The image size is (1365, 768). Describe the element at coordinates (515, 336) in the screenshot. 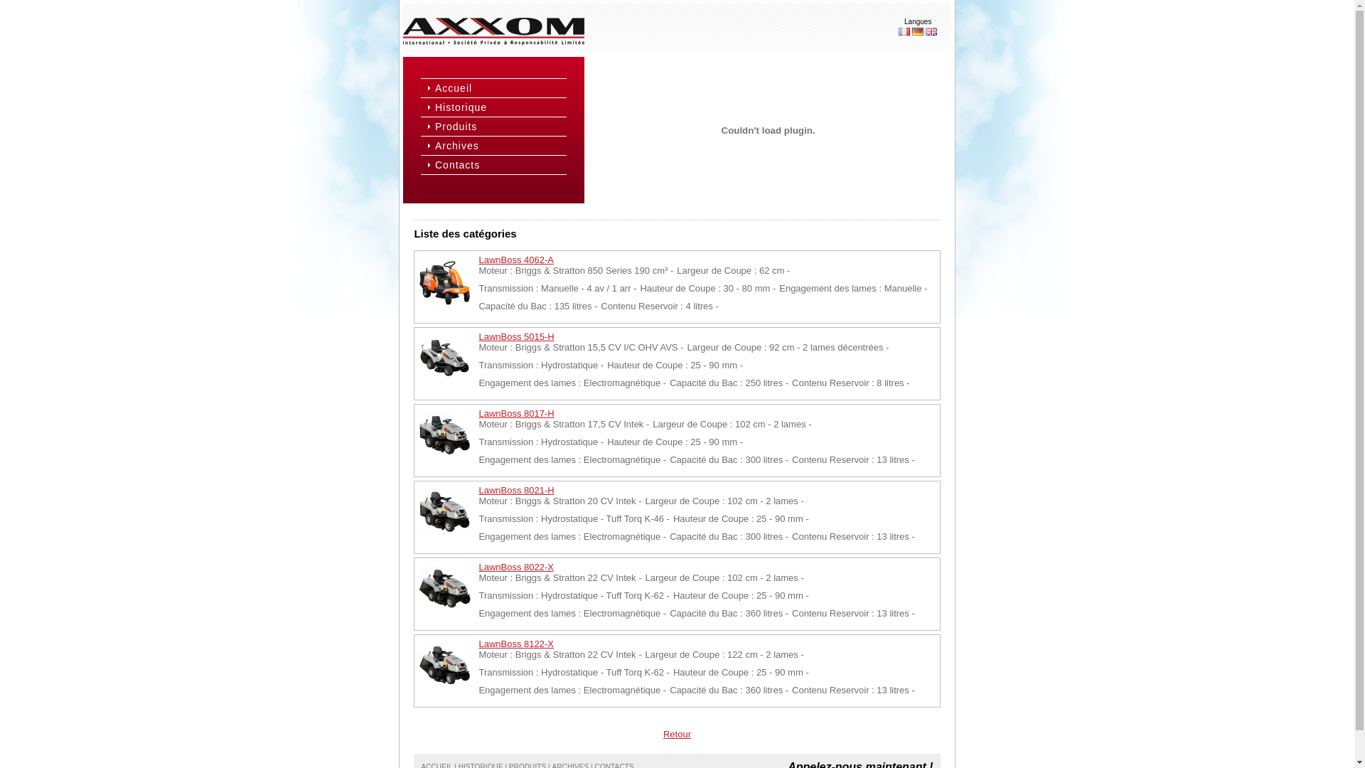

I see `'LawnBoss 5015-H'` at that location.